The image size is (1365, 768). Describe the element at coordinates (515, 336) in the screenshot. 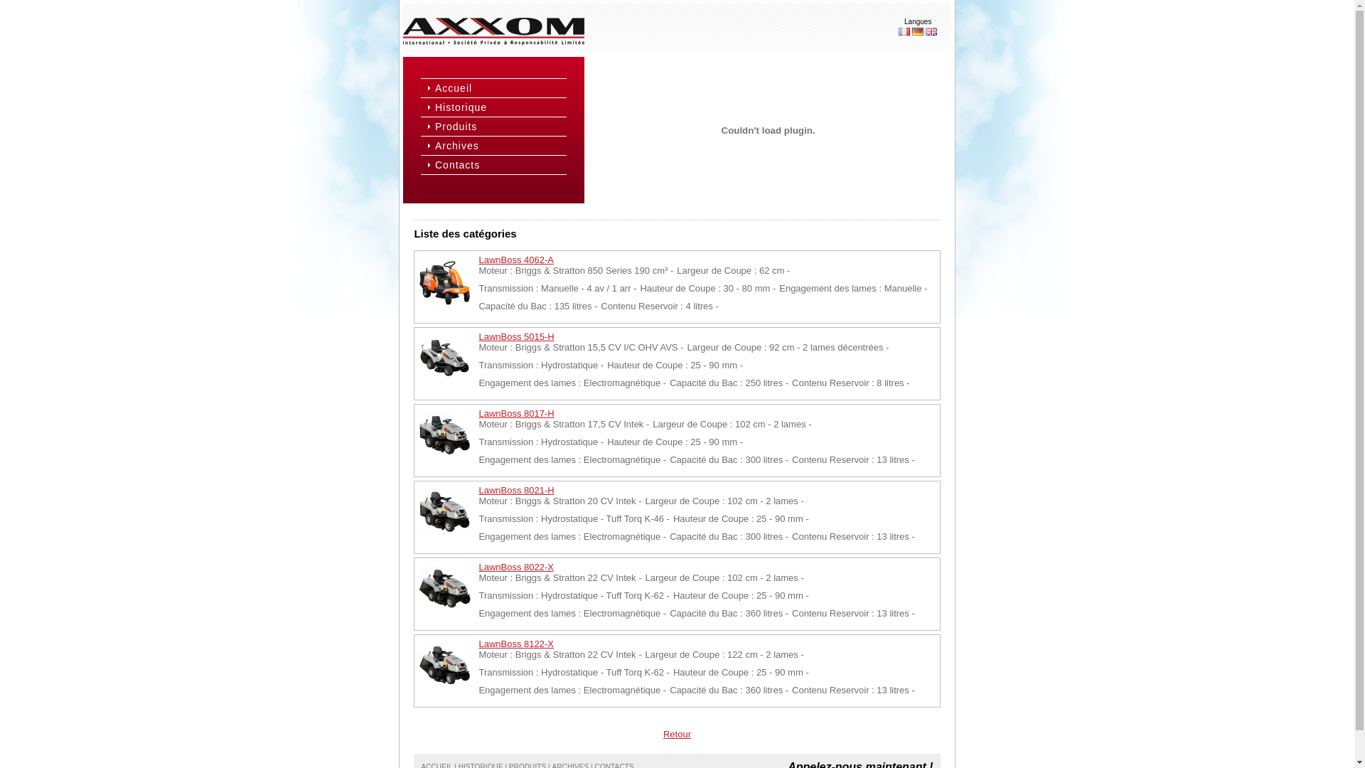

I see `'LawnBoss 5015-H'` at that location.